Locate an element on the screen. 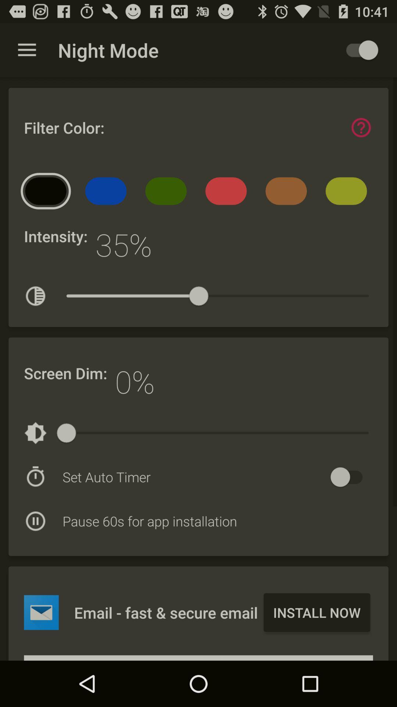 The image size is (397, 707). off is located at coordinates (350, 477).